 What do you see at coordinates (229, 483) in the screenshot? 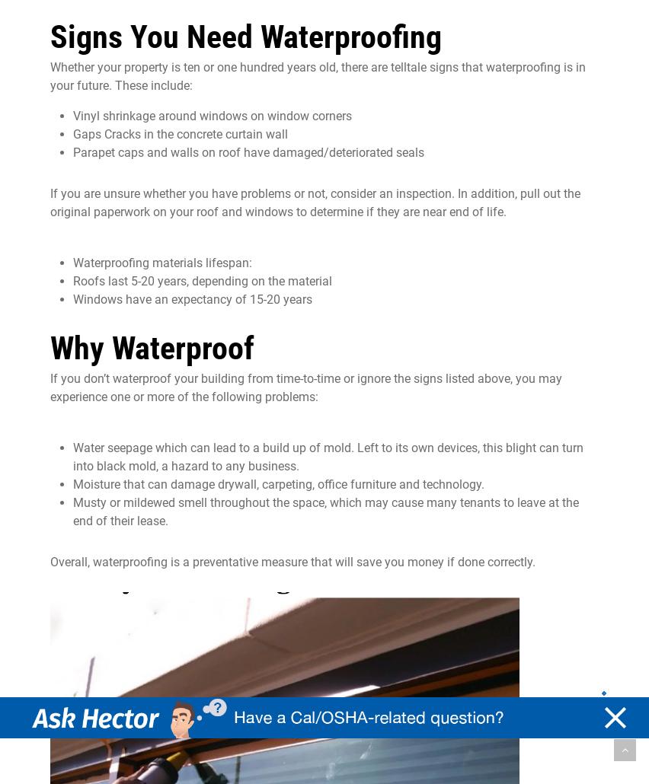
I see `'can damage drywall, carpeting'` at bounding box center [229, 483].